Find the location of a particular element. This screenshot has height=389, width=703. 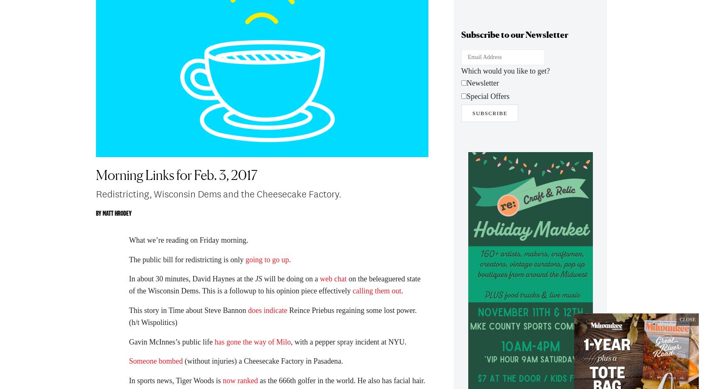

'JS' is located at coordinates (254, 283).